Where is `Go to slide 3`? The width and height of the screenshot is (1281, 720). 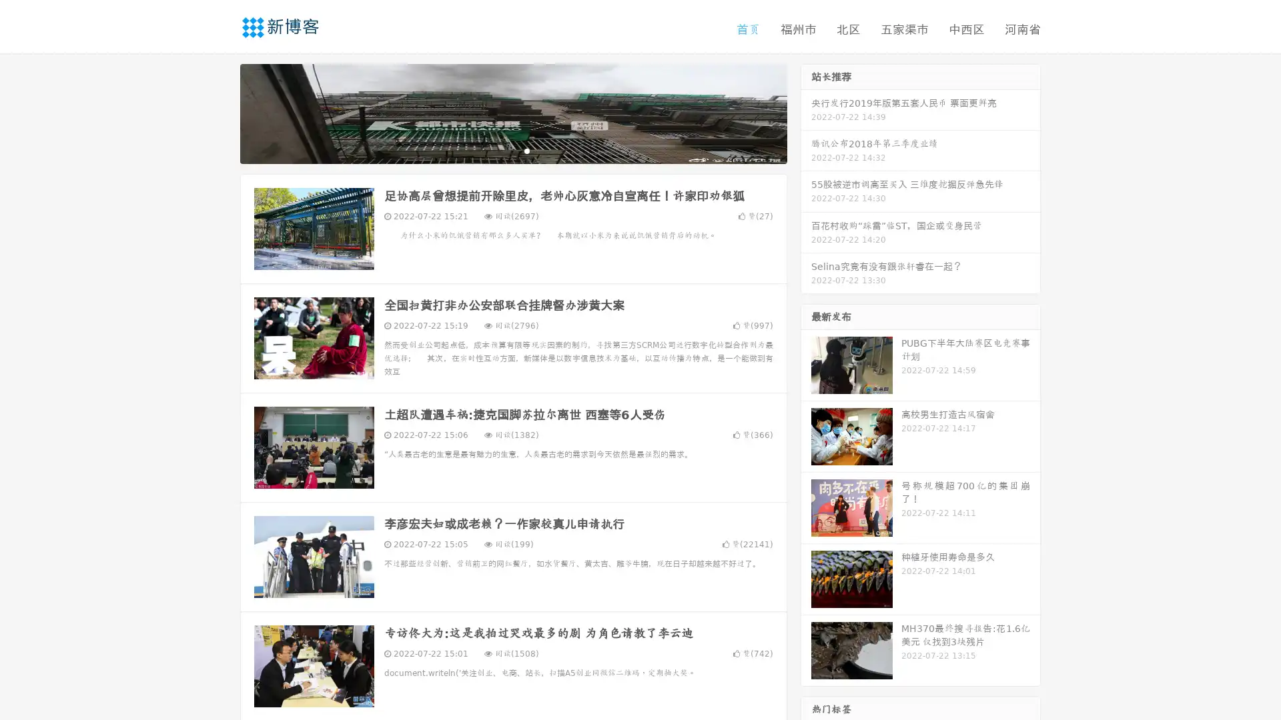 Go to slide 3 is located at coordinates (526, 150).